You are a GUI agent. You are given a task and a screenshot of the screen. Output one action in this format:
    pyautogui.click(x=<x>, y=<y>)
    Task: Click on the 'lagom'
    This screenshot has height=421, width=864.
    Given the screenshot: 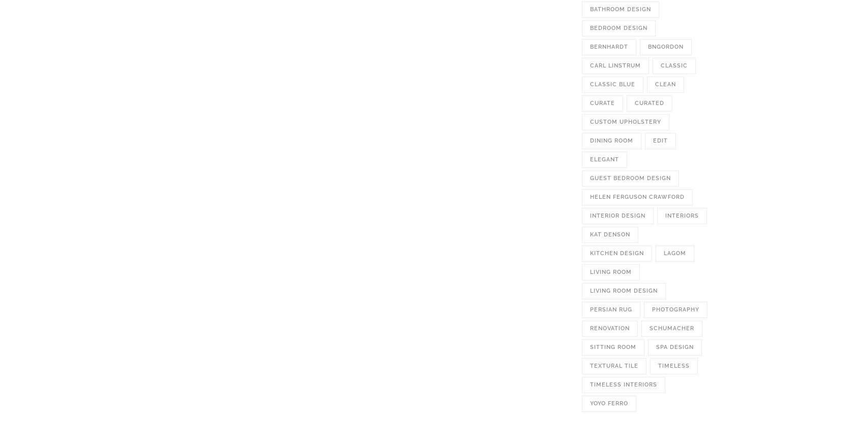 What is the action you would take?
    pyautogui.click(x=675, y=253)
    